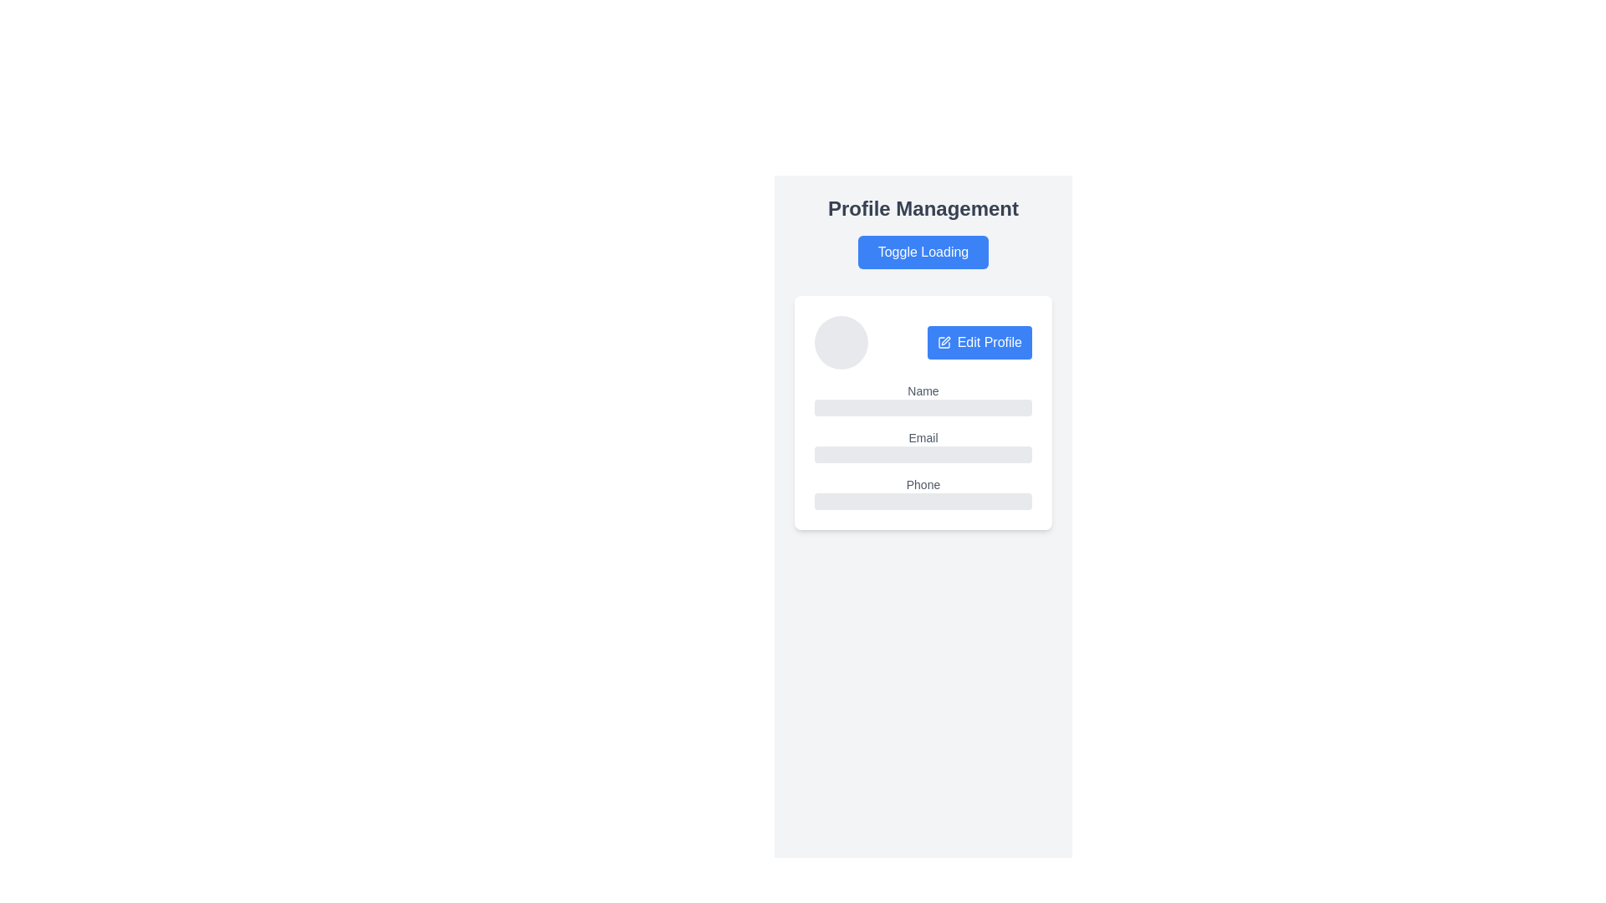  I want to click on the 'Phone' text label, which is styled with 'text-sm text-gray-600' and is positioned in a profile management form below the 'Email' label, so click(923, 484).